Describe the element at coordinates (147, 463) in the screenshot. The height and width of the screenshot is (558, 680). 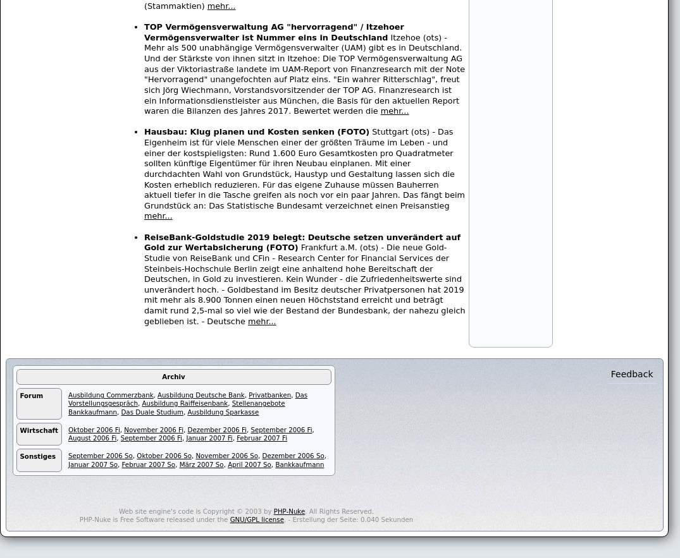
I see `'Februar 2007 So'` at that location.